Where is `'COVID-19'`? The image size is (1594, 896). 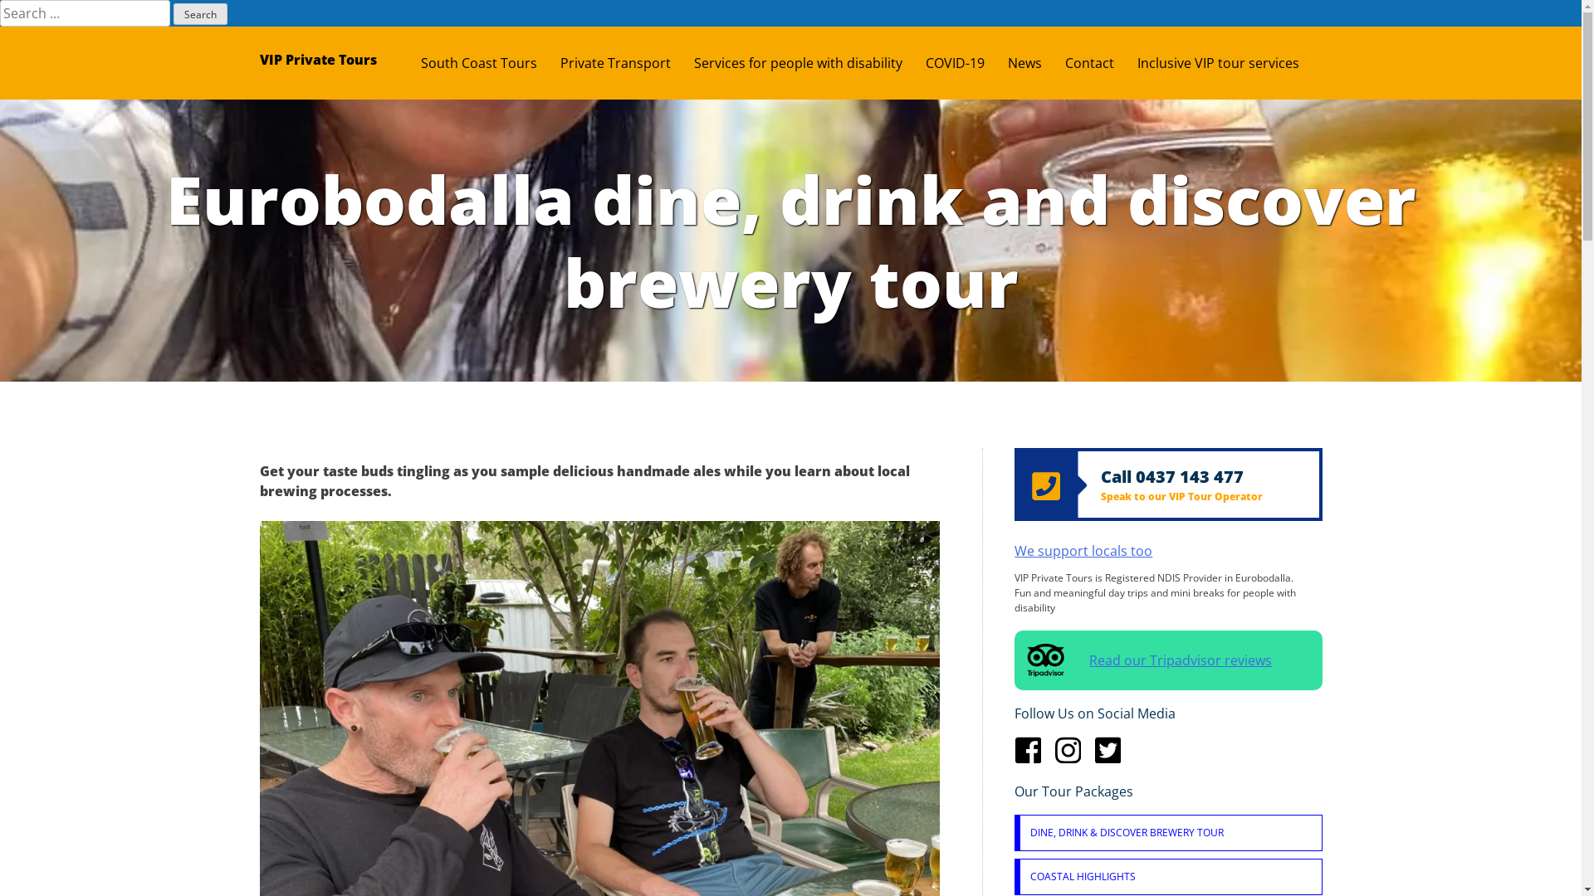
'COVID-19' is located at coordinates (966, 62).